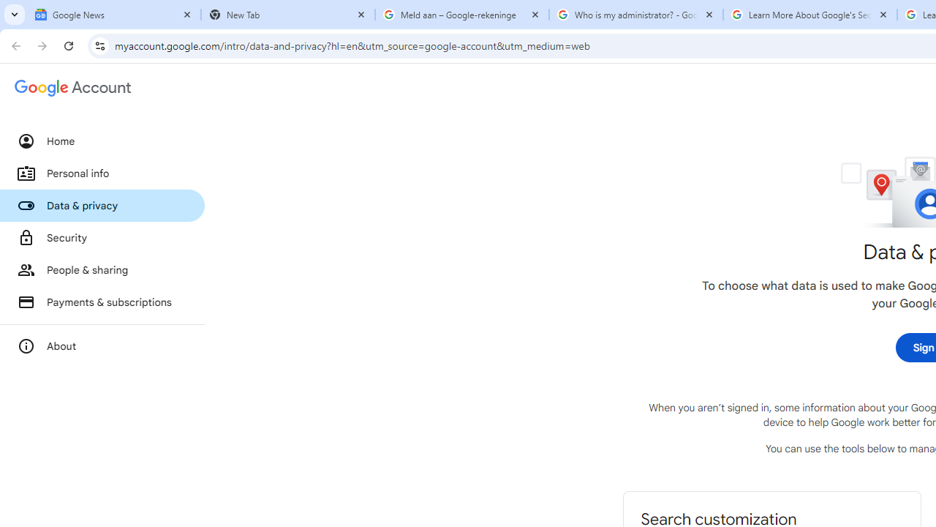 The image size is (936, 527). Describe the element at coordinates (636, 15) in the screenshot. I see `'Who is my administrator? - Google Account Help'` at that location.